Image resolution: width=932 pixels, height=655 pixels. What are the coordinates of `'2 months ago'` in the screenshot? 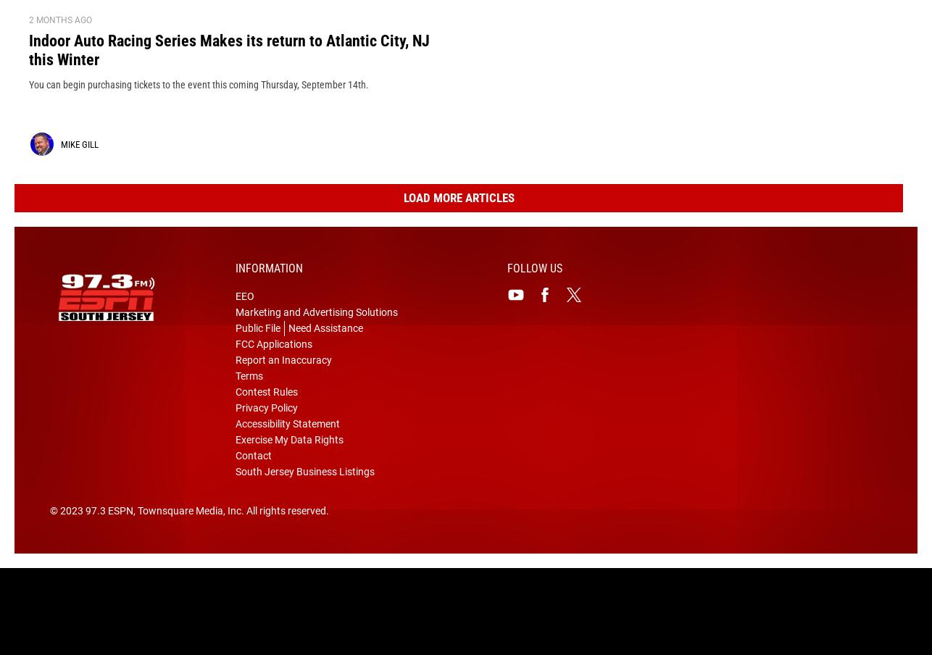 It's located at (60, 43).